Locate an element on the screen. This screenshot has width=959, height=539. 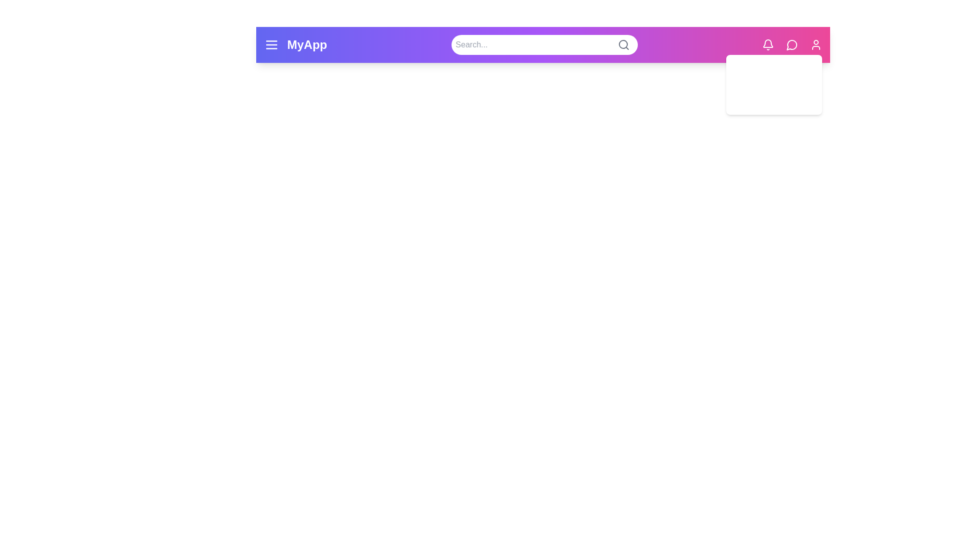
the user icon to toggle the profile dropdown menu is located at coordinates (816, 44).